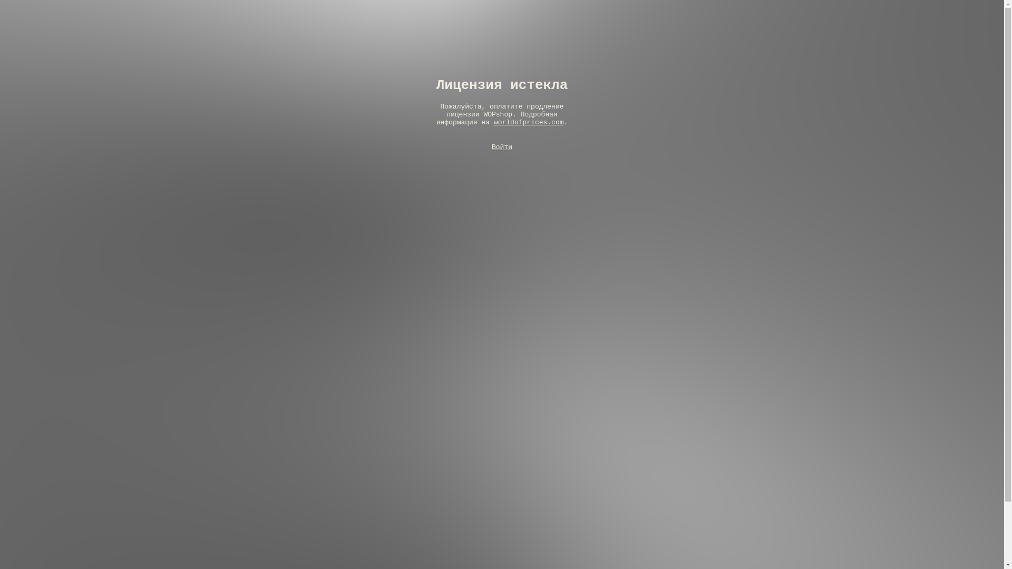 The image size is (1012, 569). I want to click on 'worldofprices.com', so click(529, 122).